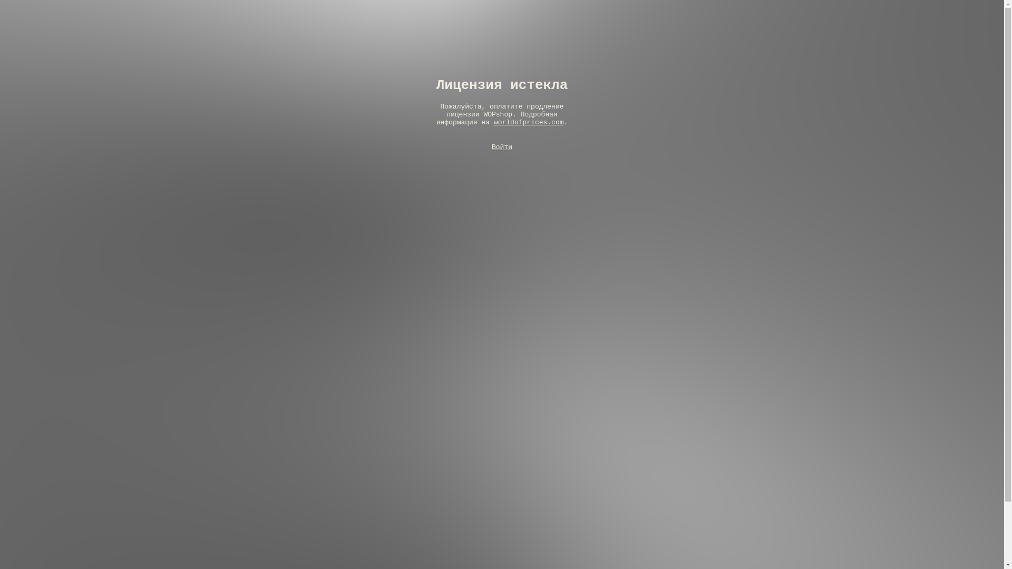 The image size is (1012, 569). I want to click on 'worldofprices.com', so click(529, 122).